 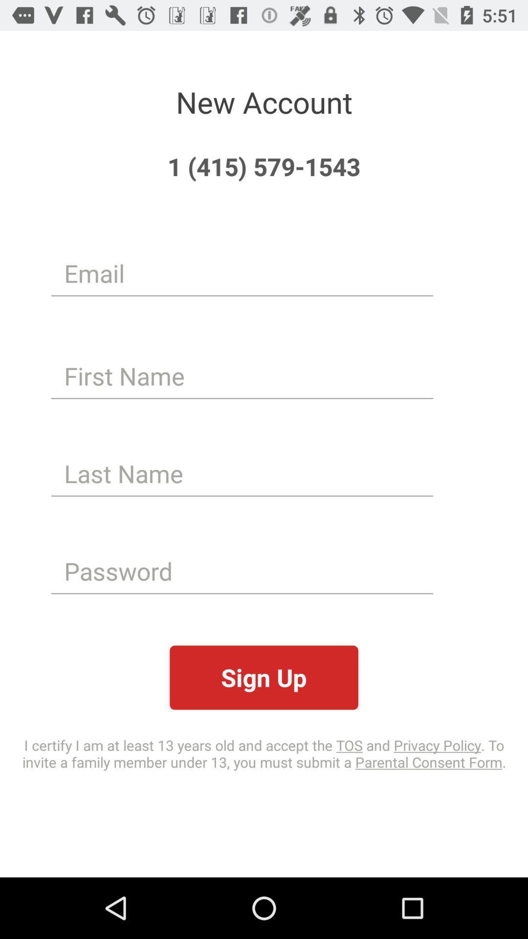 What do you see at coordinates (264, 677) in the screenshot?
I see `the icon above the i certify i item` at bounding box center [264, 677].